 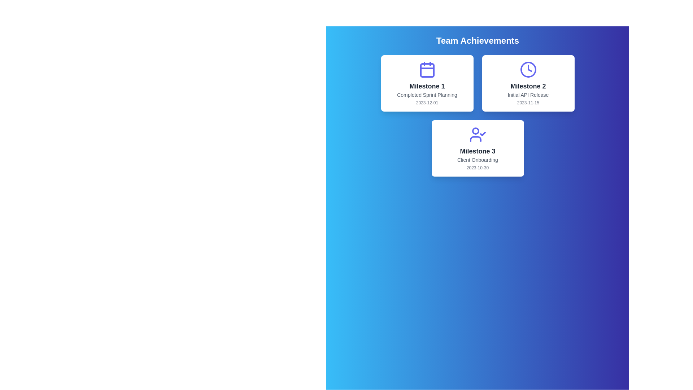 I want to click on the purple clock icon located in the top-right card of the three cards, which is situated above the text 'Milestone 2', 'Initial API Release', and '2023-11-15', so click(x=528, y=69).